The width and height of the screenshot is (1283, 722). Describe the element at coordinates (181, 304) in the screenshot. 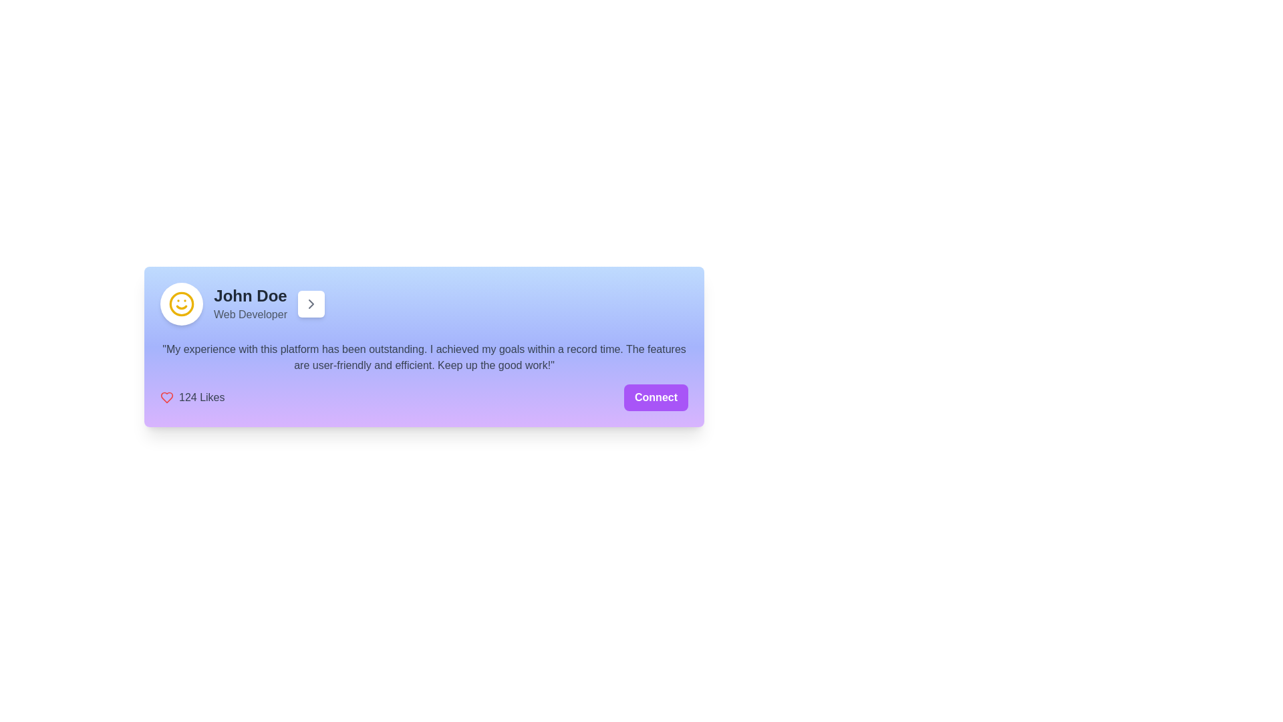

I see `the circular smiling face icon, which is yellow and white, located on the left side of the text area containing 'John Doe' and 'Web Developer' within the card layout` at that location.